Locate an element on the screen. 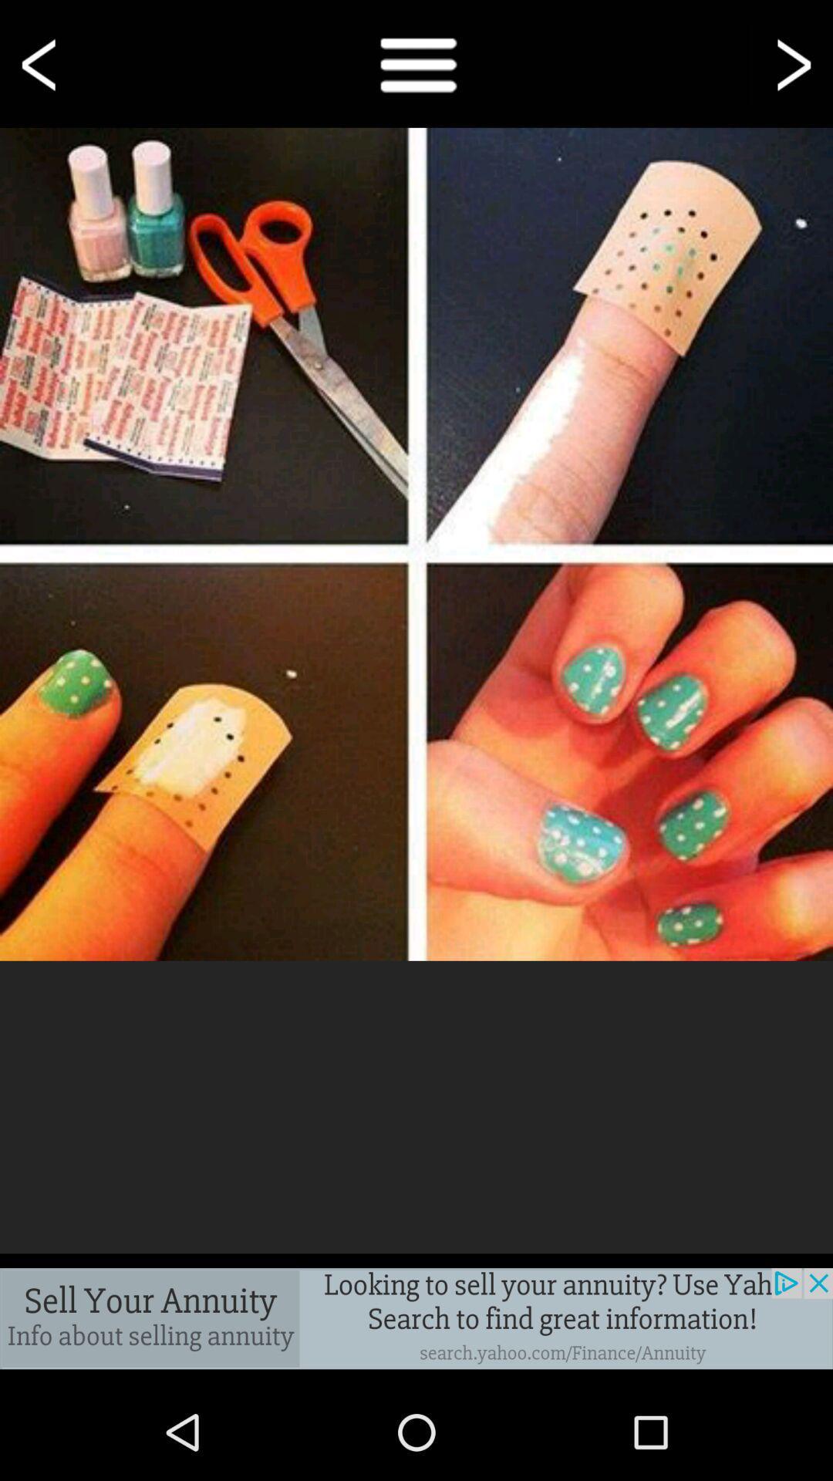 The height and width of the screenshot is (1481, 833). expand pictures is located at coordinates (416, 544).